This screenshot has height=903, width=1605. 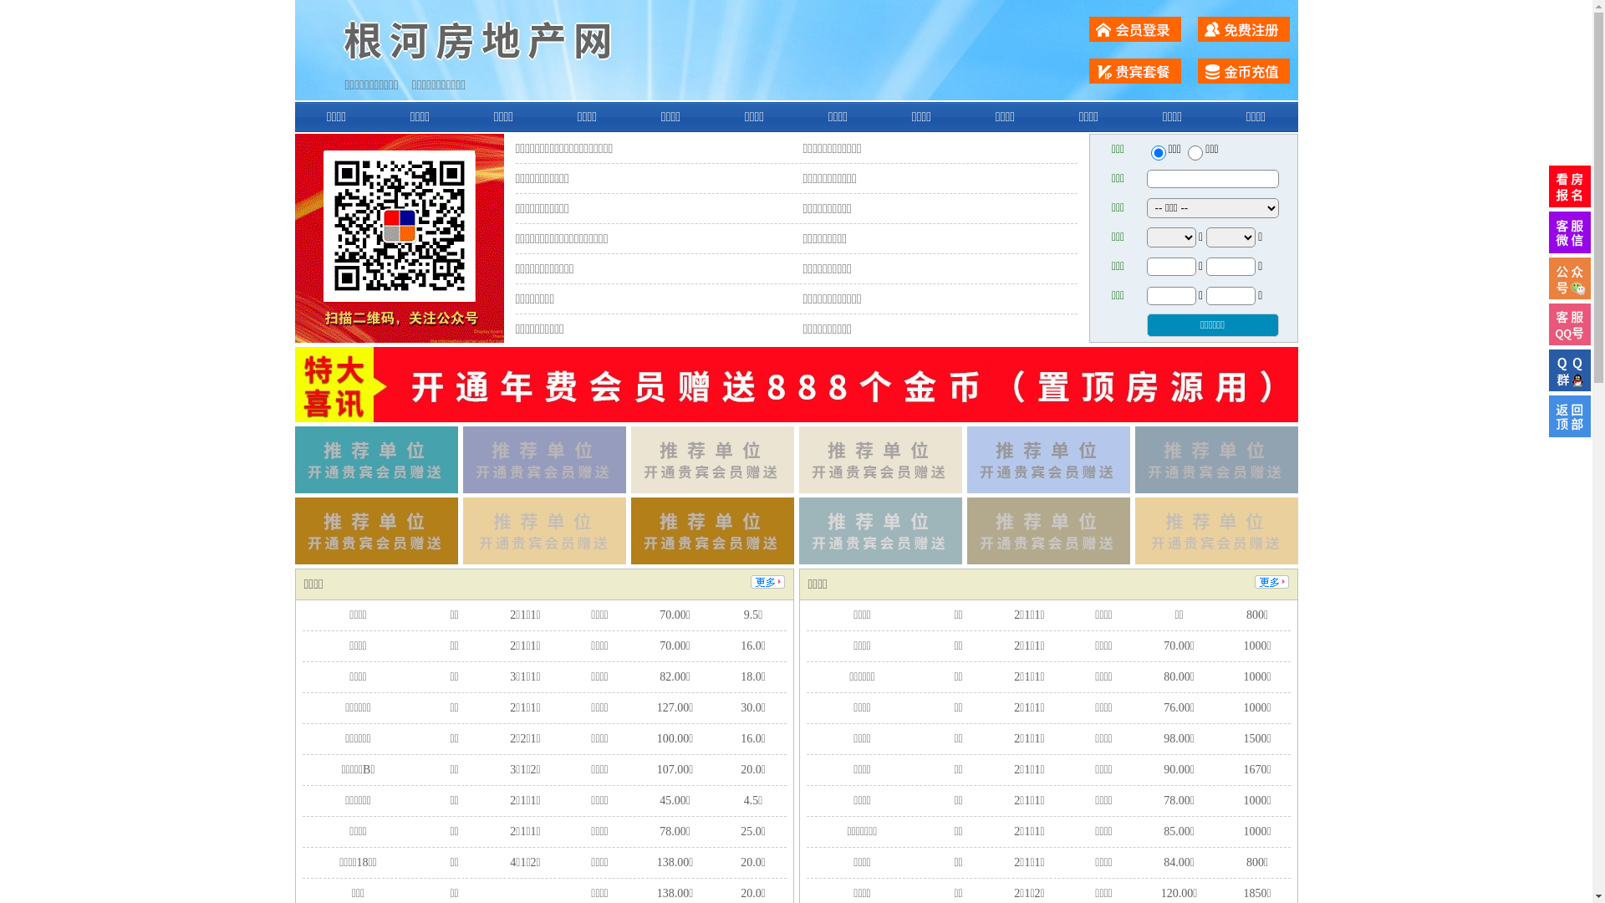 I want to click on 'ershou', so click(x=1157, y=152).